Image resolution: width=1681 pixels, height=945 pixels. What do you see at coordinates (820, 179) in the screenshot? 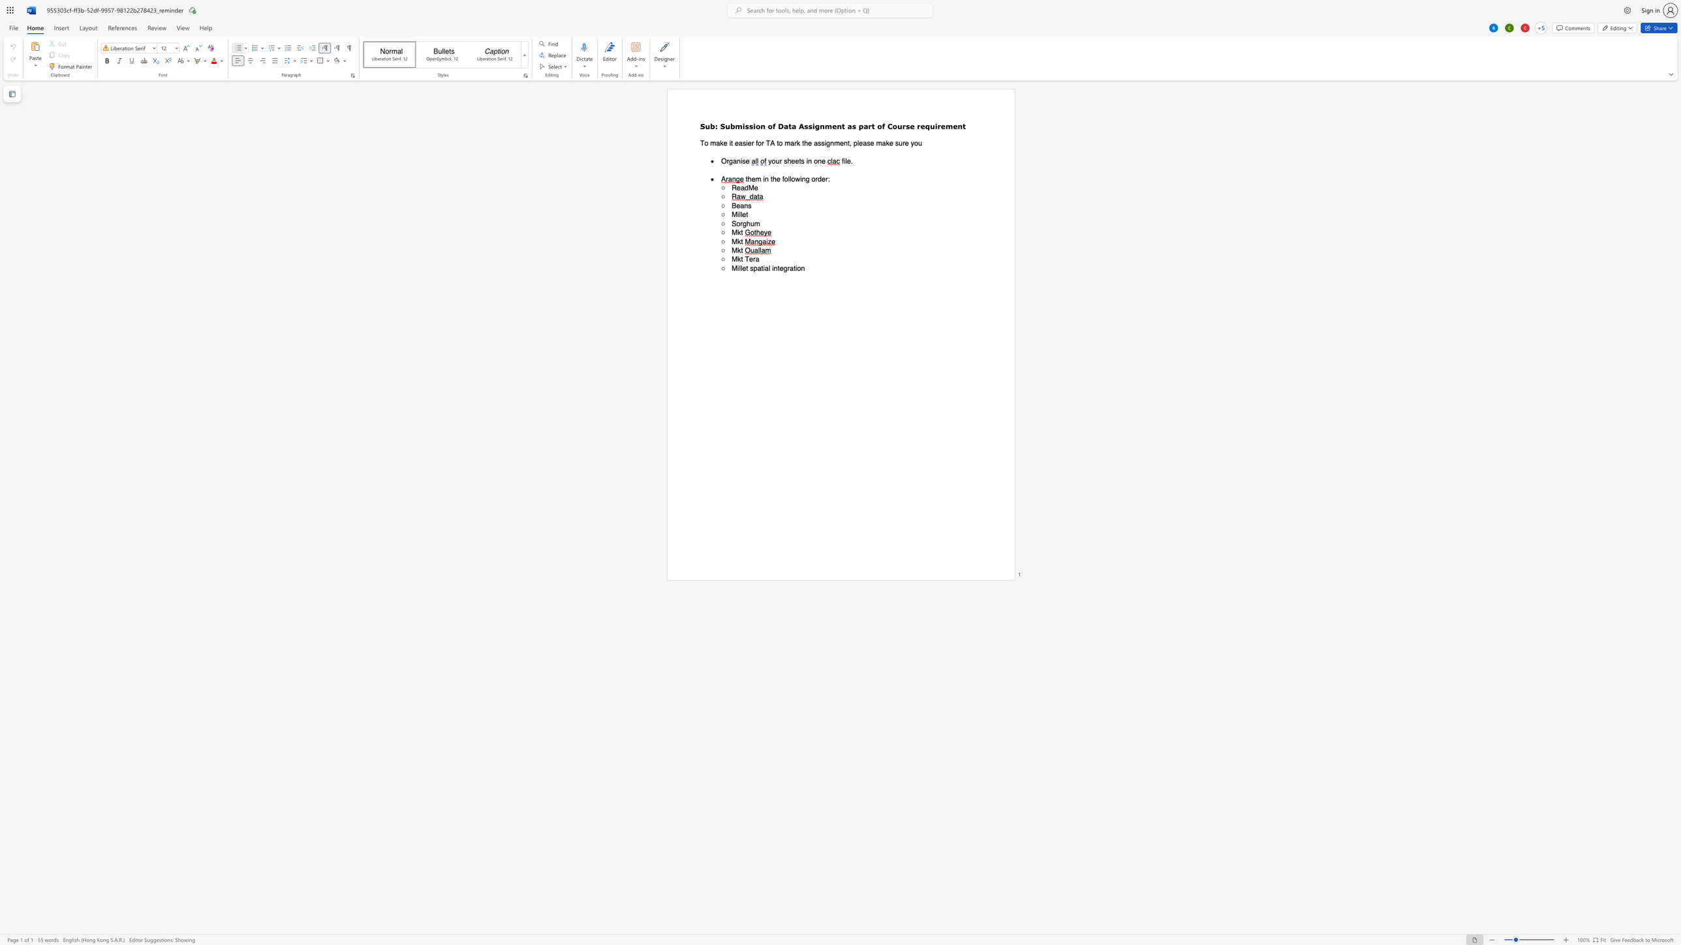
I see `the space between the continuous character "d" and "e" in the text` at bounding box center [820, 179].